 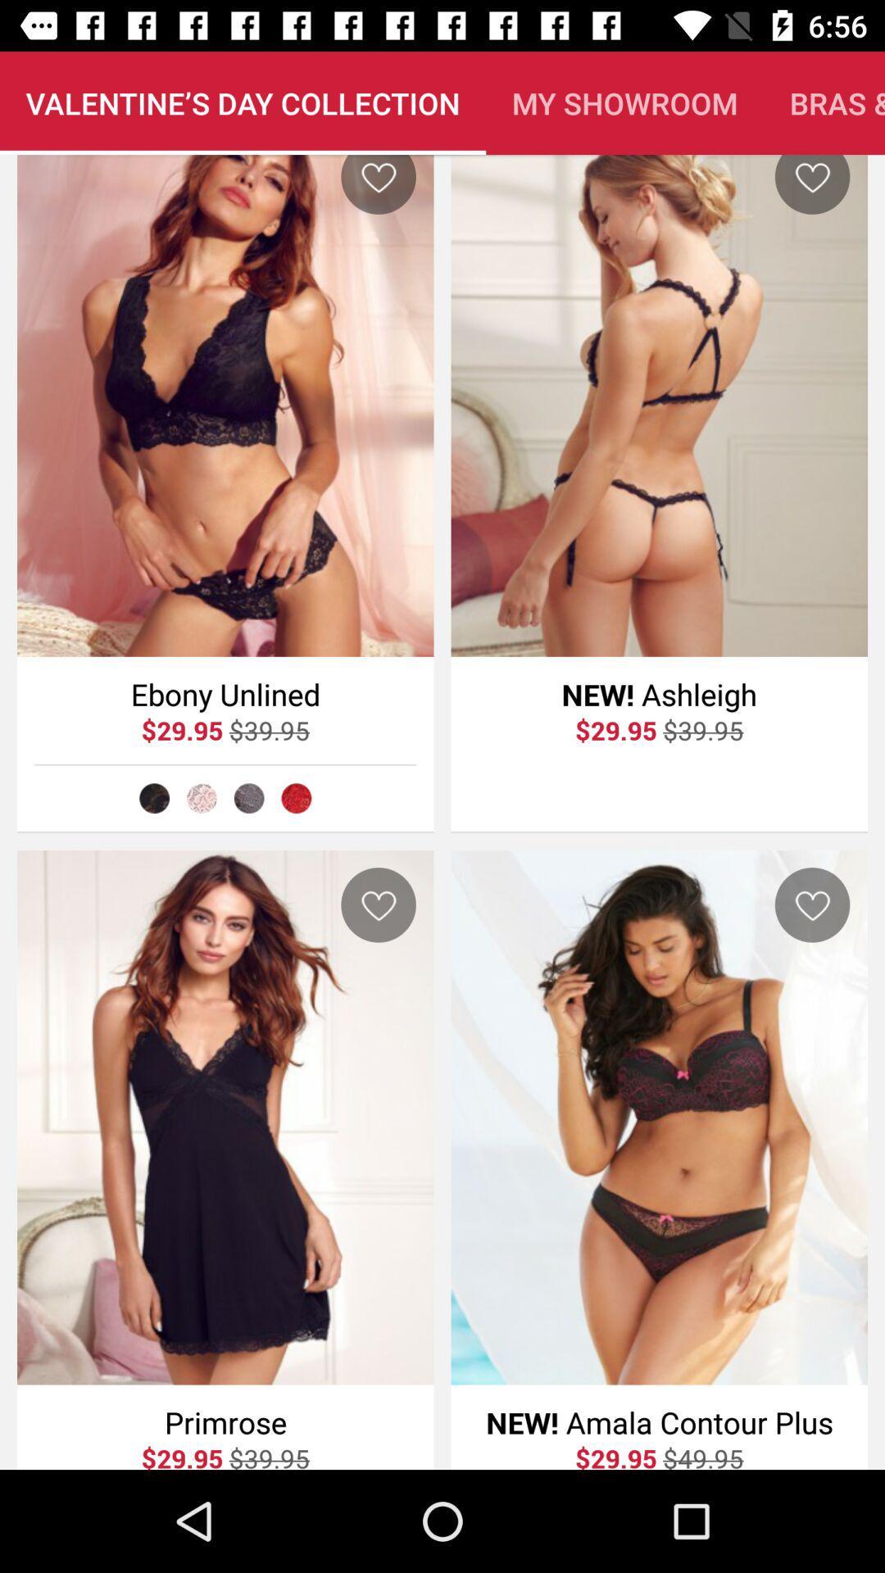 What do you see at coordinates (201, 798) in the screenshot?
I see `icon below the 29 95 39 item` at bounding box center [201, 798].